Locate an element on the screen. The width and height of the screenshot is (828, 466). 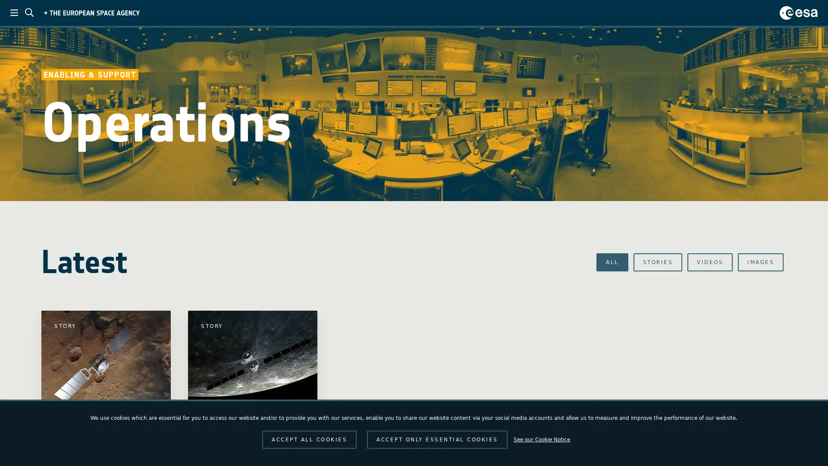
ESA search toggle is located at coordinates (29, 13).